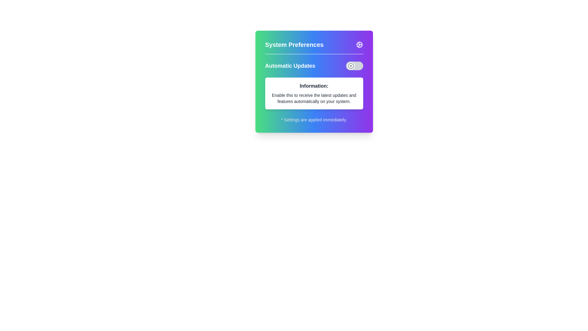 The image size is (588, 331). Describe the element at coordinates (314, 120) in the screenshot. I see `the informational label indicating that the settings made are applied immediately, located below the 'Information:' section` at that location.